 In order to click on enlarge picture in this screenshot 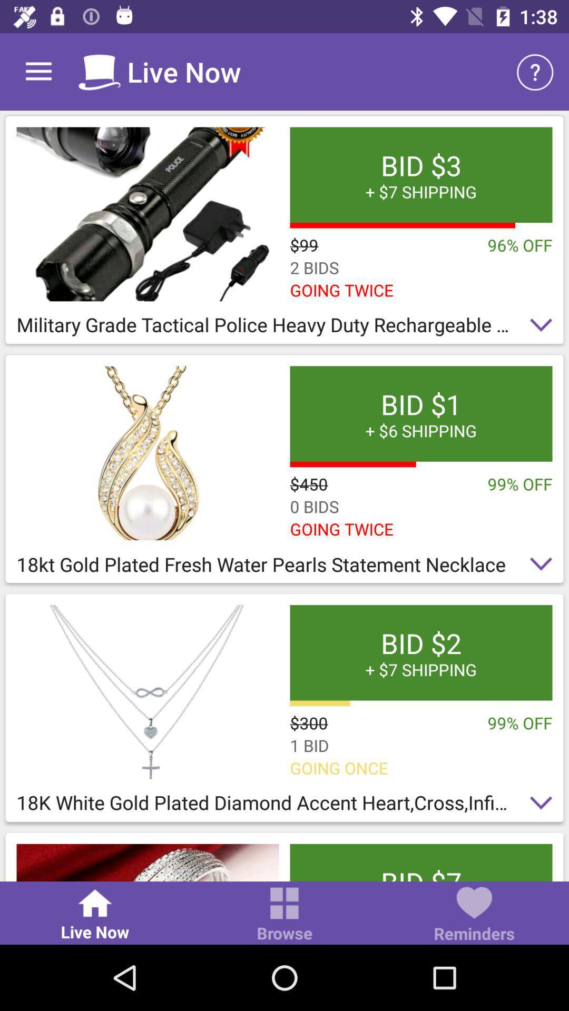, I will do `click(148, 863)`.